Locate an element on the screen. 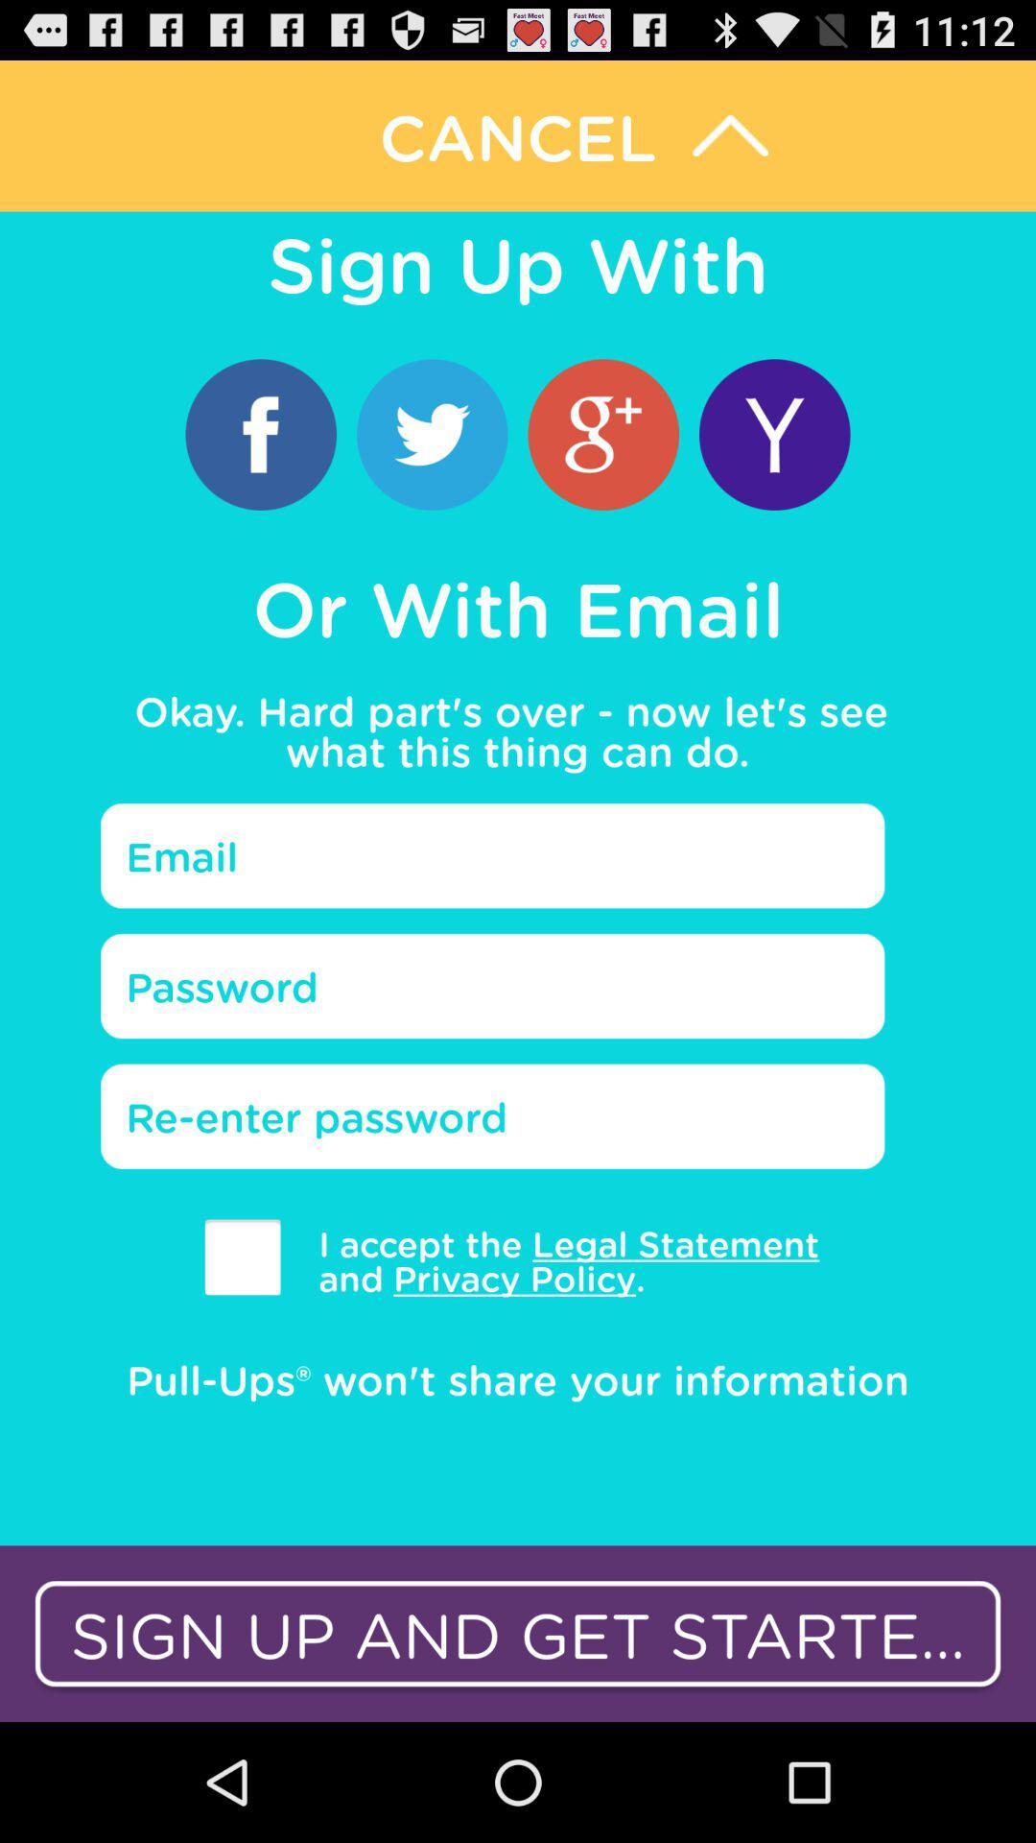 The width and height of the screenshot is (1036, 1843). sign up with twitter is located at coordinates (432, 433).